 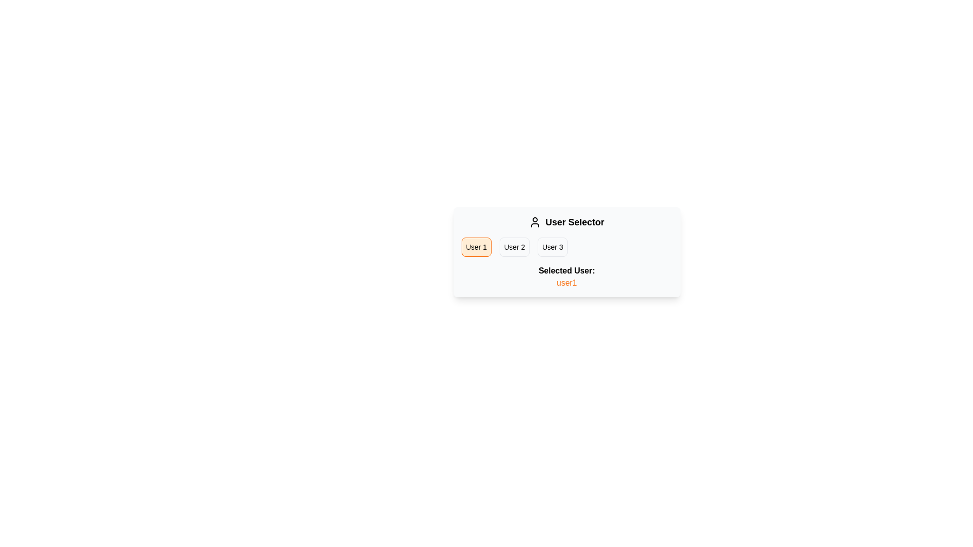 I want to click on the 'User 1' button, which is a rectangular button with rounded corners, light orange background, and black text, so click(x=476, y=247).